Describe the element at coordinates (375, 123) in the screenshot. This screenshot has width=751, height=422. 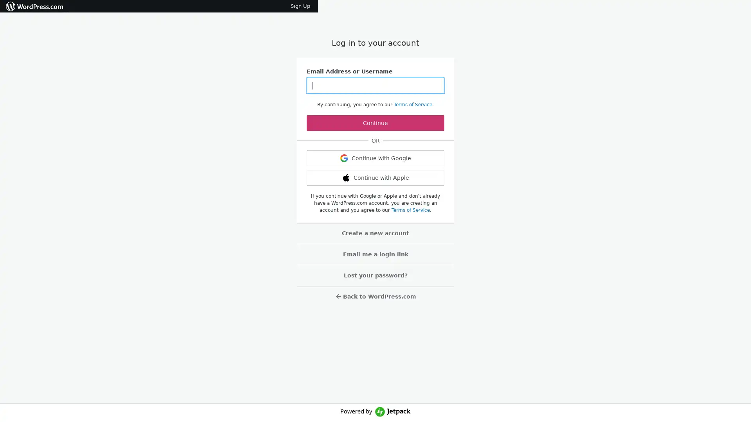
I see `Continue` at that location.